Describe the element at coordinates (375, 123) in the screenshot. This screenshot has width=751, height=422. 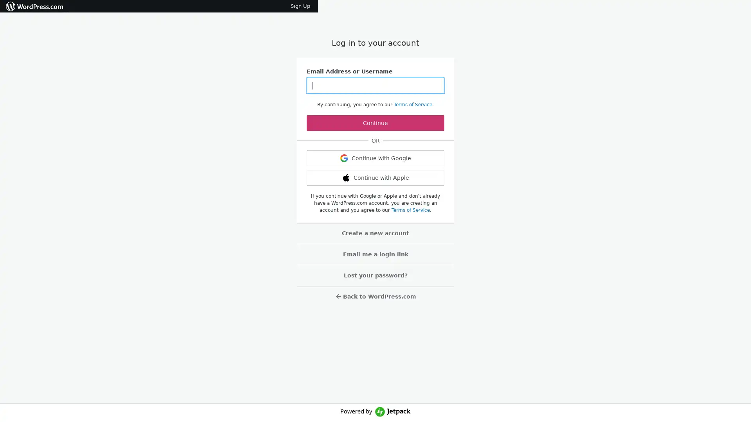
I see `Continue` at that location.